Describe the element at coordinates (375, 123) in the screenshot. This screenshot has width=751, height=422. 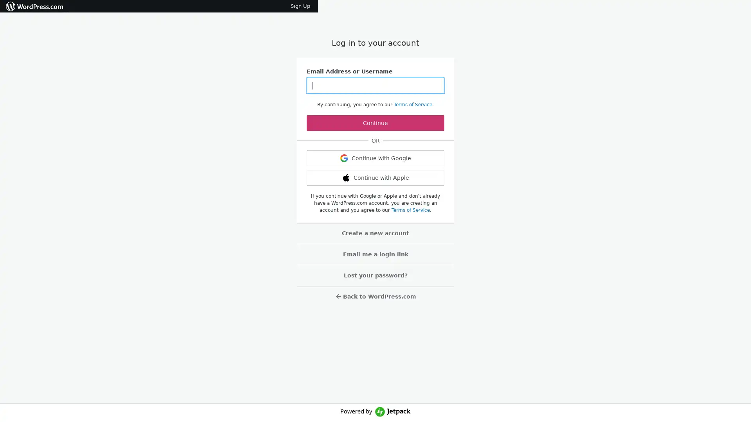
I see `Continue` at that location.